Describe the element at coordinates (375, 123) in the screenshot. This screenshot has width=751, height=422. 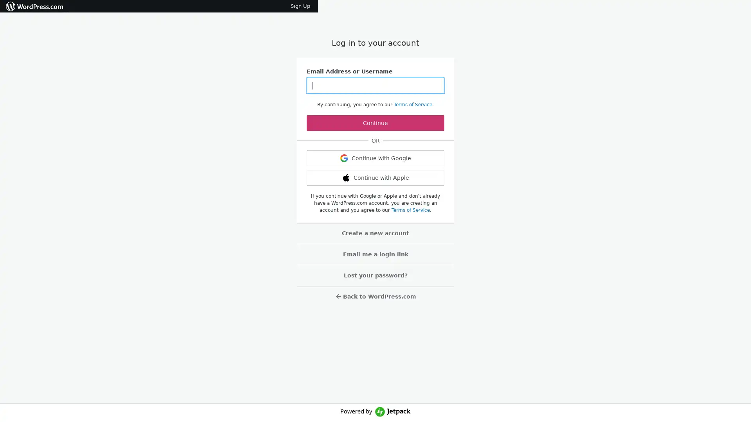
I see `Continue` at that location.